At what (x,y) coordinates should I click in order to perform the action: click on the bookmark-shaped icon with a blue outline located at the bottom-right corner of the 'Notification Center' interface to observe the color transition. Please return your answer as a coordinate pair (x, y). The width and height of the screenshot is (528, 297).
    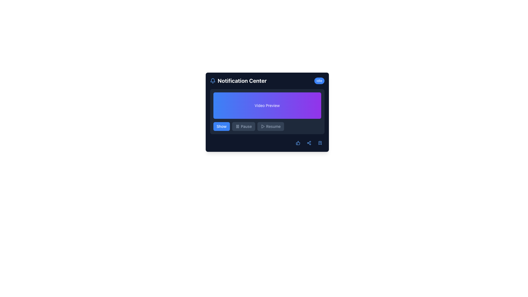
    Looking at the image, I should click on (320, 143).